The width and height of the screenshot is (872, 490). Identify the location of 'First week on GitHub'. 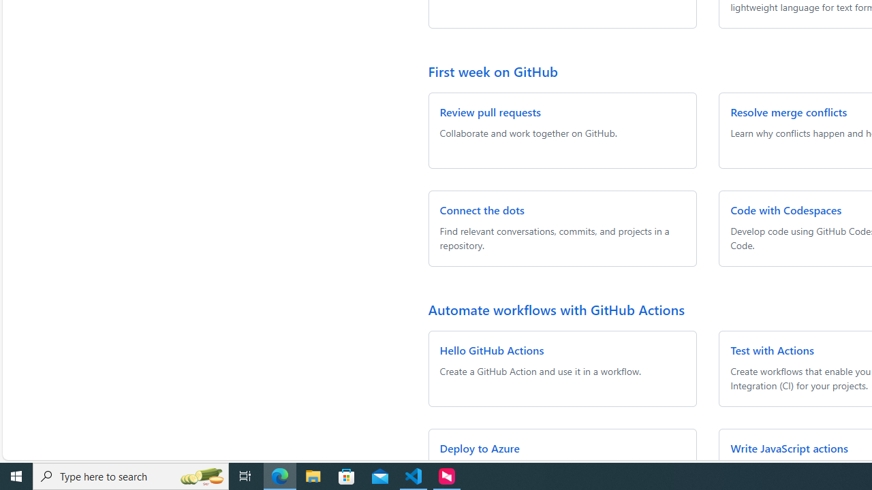
(492, 71).